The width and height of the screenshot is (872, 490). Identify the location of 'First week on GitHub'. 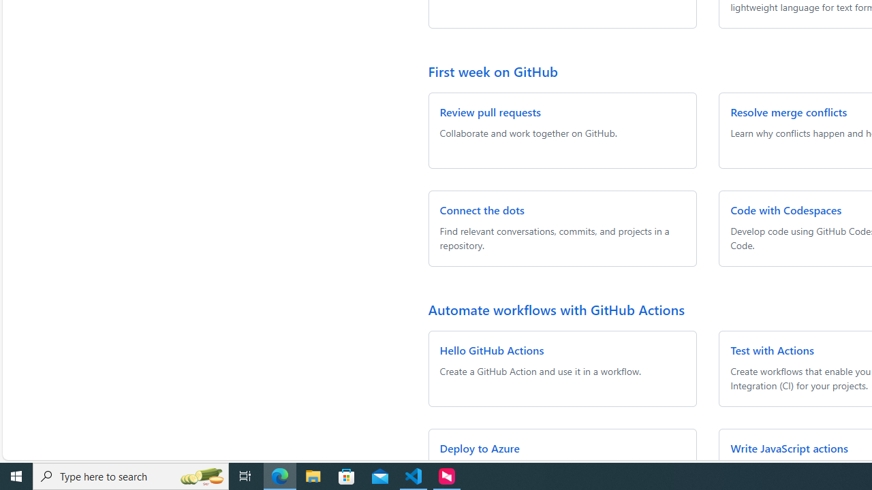
(492, 71).